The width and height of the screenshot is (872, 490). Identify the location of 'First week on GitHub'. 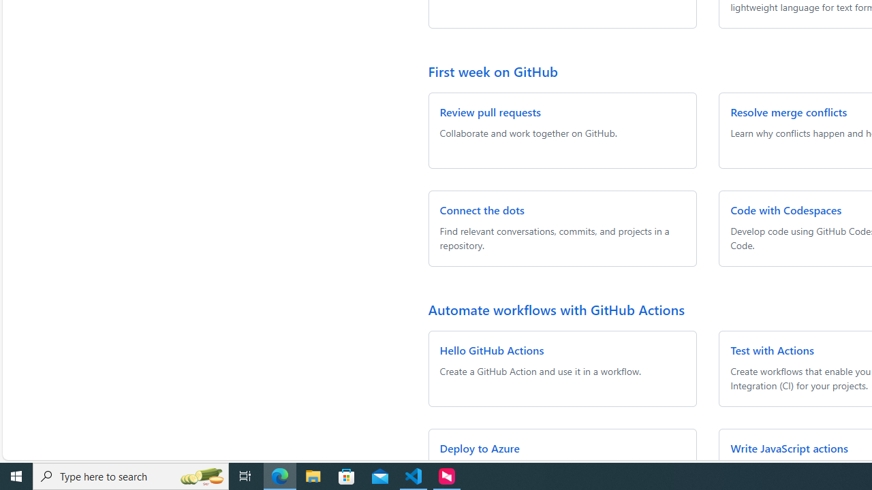
(492, 71).